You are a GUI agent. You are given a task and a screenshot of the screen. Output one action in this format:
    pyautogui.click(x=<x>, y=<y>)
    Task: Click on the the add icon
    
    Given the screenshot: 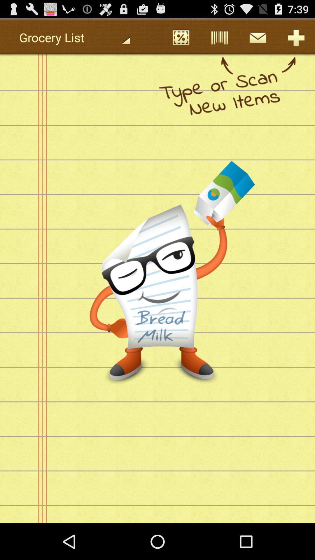 What is the action you would take?
    pyautogui.click(x=296, y=40)
    